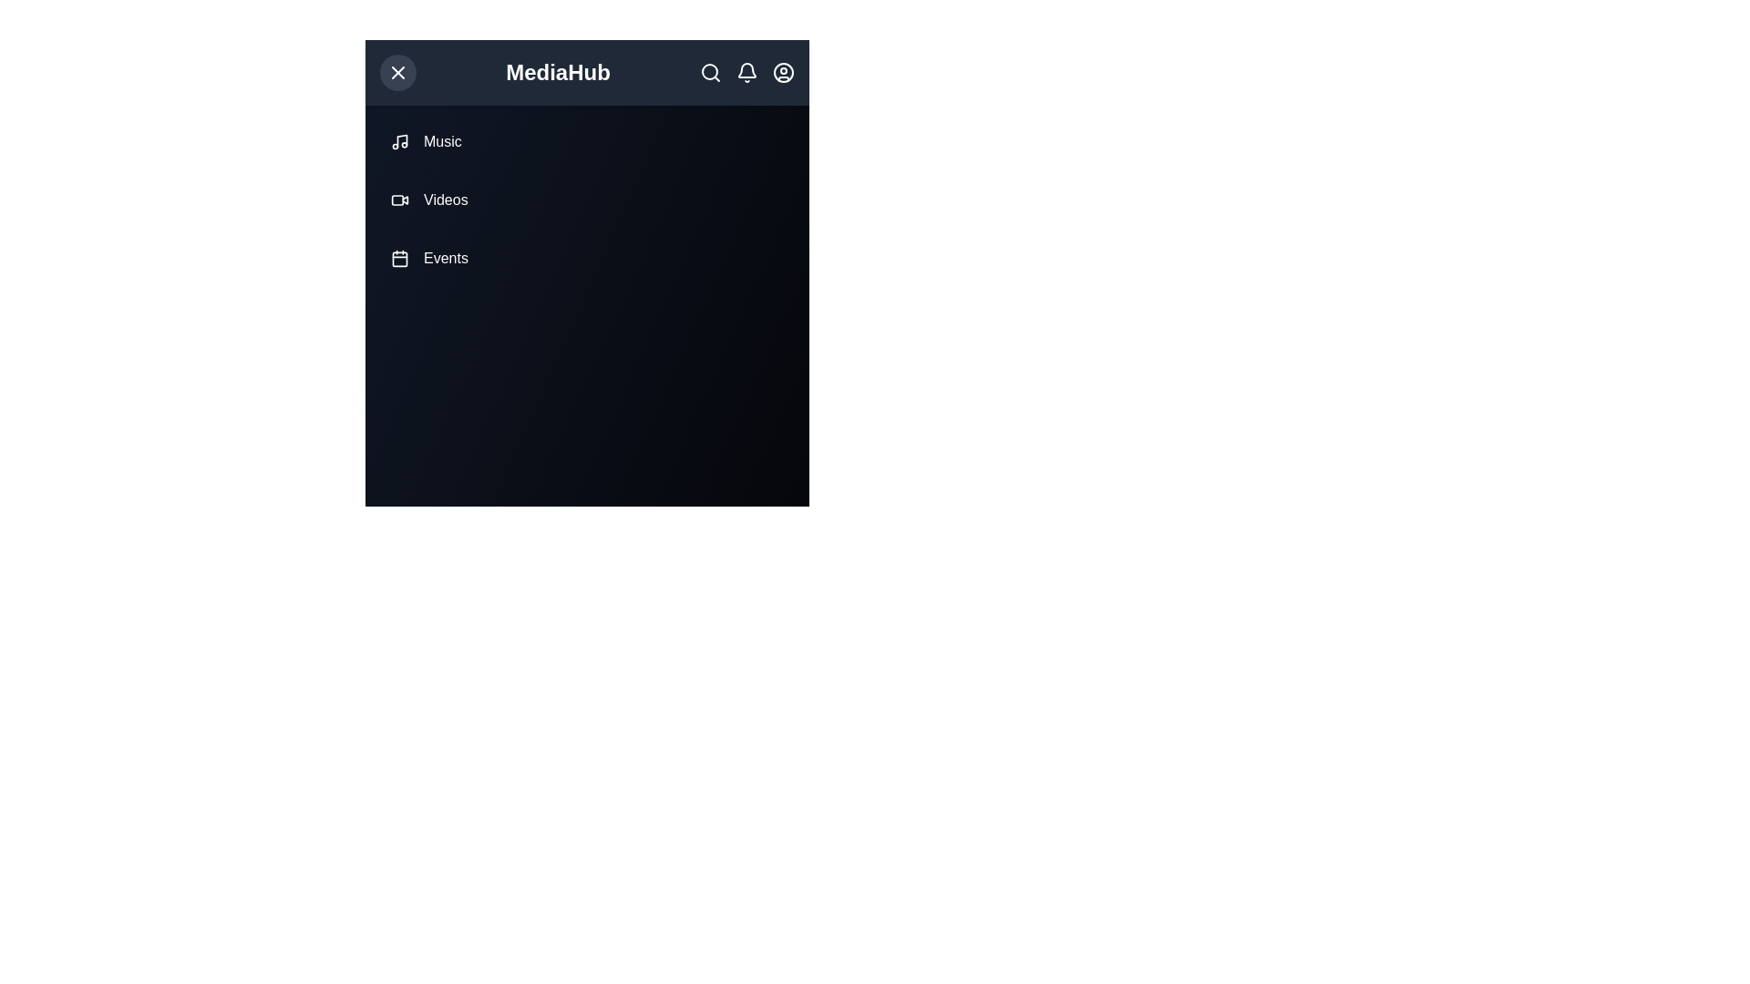 The height and width of the screenshot is (984, 1750). I want to click on the notification bell icon at the top-right corner of the header, so click(747, 72).